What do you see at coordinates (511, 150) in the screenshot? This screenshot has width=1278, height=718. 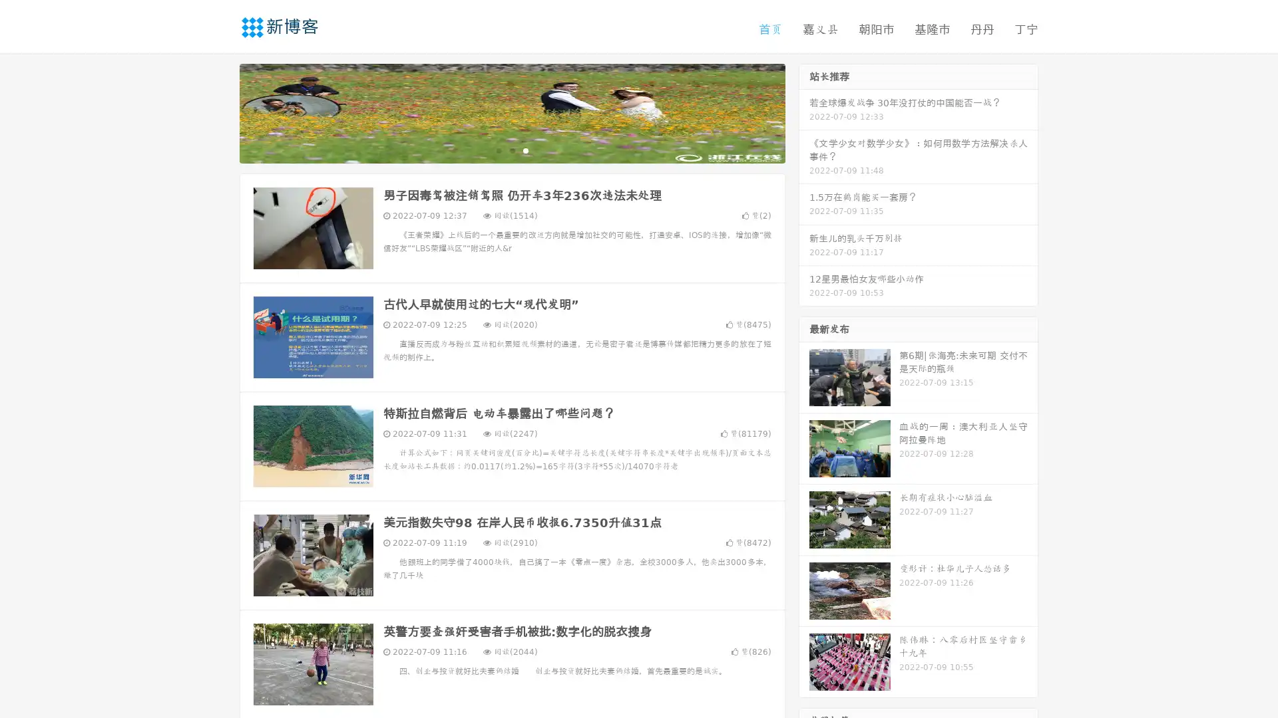 I see `Go to slide 2` at bounding box center [511, 150].